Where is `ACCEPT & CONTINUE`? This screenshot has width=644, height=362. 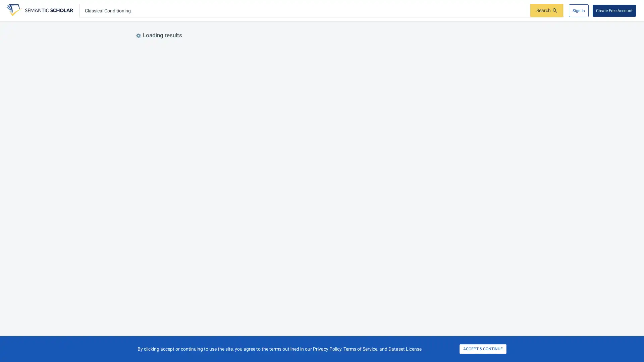 ACCEPT & CONTINUE is located at coordinates (483, 349).